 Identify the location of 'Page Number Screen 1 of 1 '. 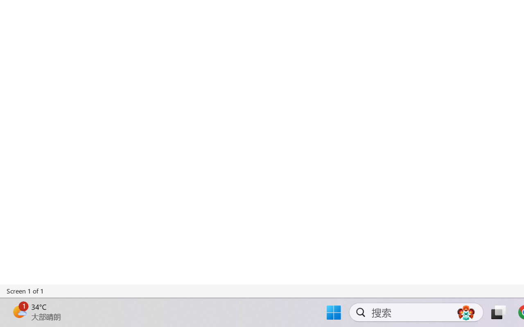
(25, 291).